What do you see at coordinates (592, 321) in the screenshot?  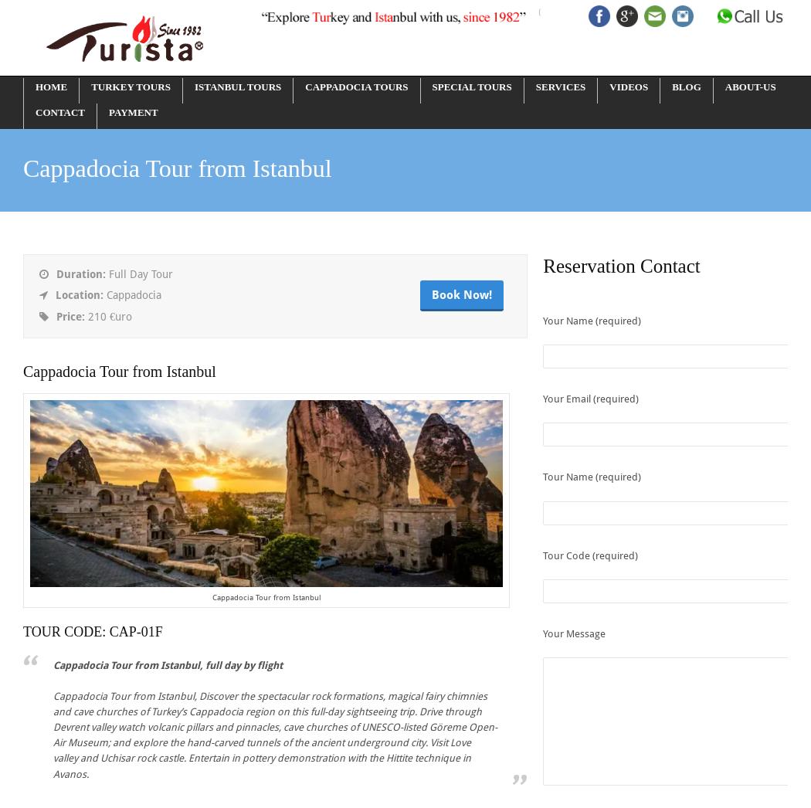 I see `'Your Name (required)'` at bounding box center [592, 321].